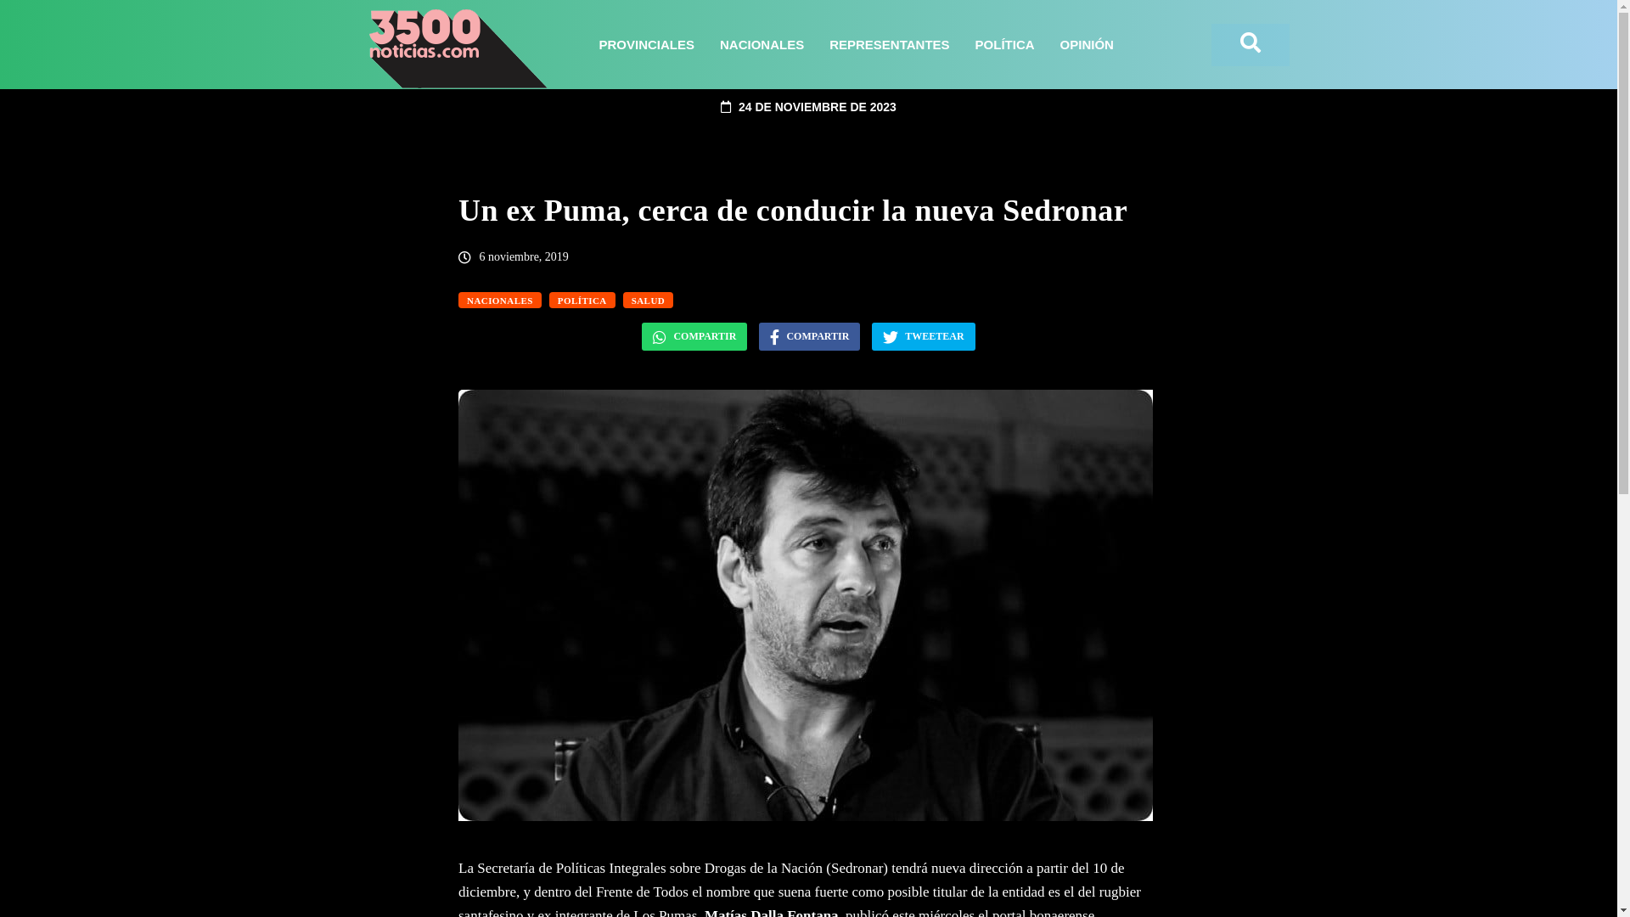 Image resolution: width=1630 pixels, height=917 pixels. Describe the element at coordinates (694, 336) in the screenshot. I see `'COMPARTIR'` at that location.